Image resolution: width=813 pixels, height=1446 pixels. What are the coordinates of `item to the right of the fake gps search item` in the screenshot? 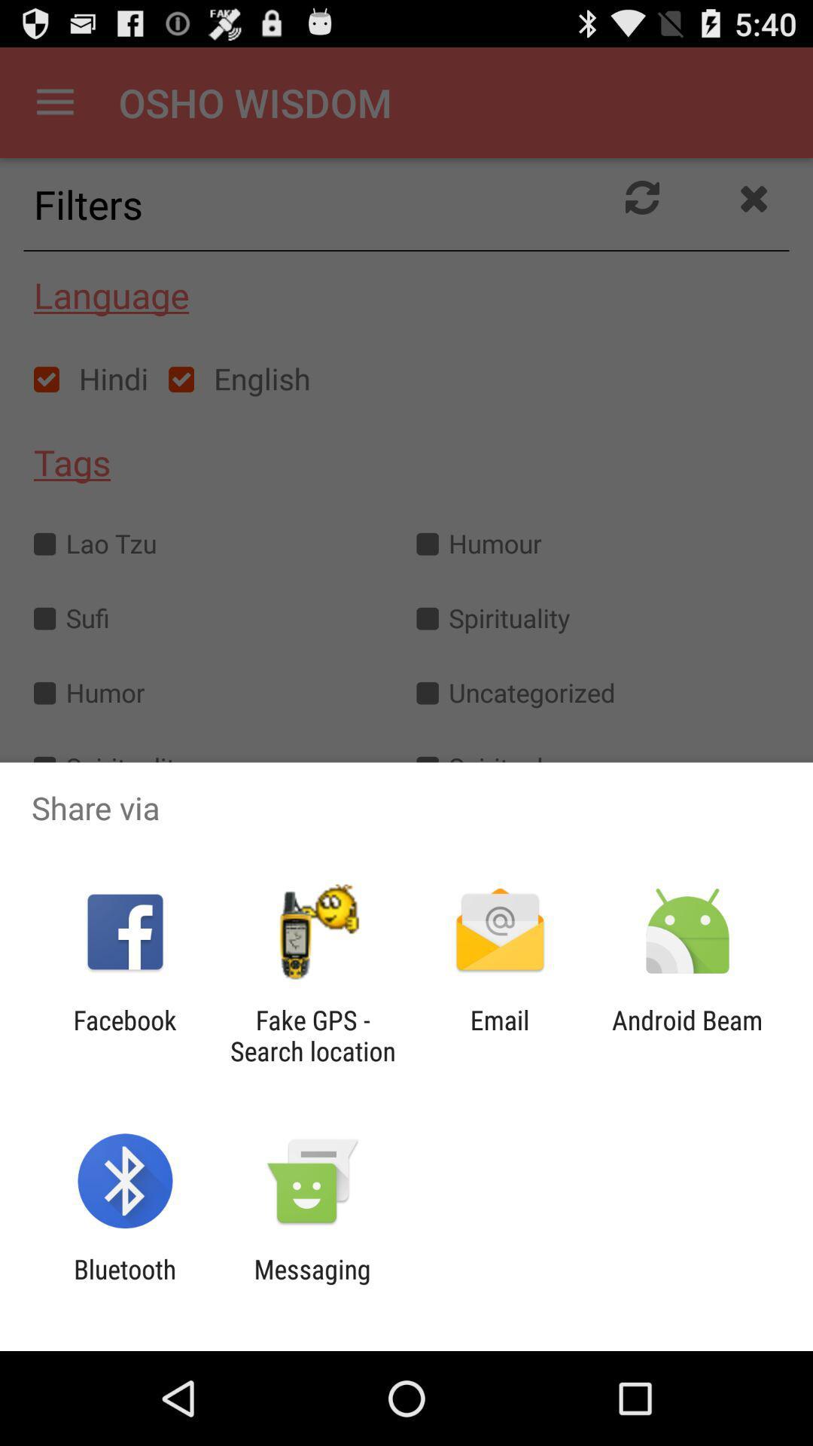 It's located at (500, 1035).